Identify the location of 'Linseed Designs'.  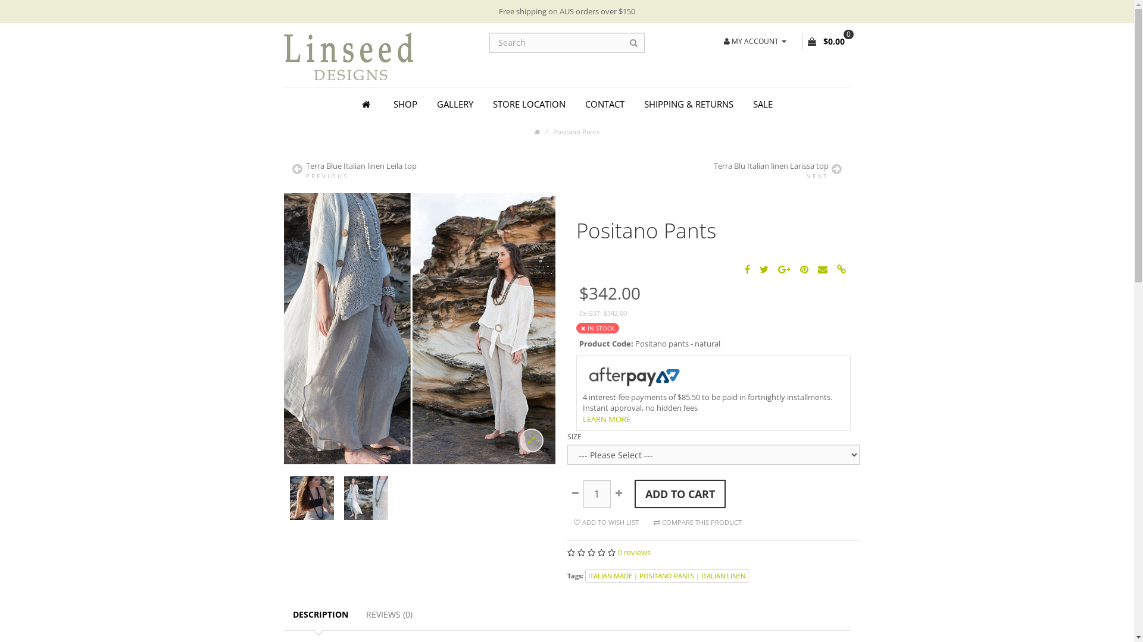
(347, 56).